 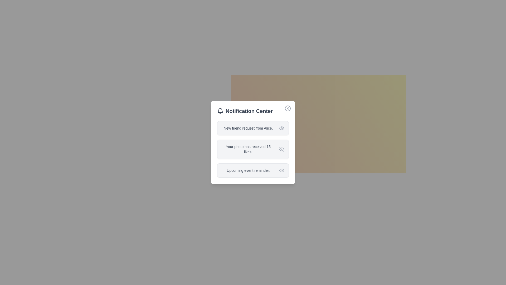 What do you see at coordinates (253, 128) in the screenshot?
I see `notification text from the topmost notification card in the Notification Center, which contains the message 'New friend request from Alice.'` at bounding box center [253, 128].